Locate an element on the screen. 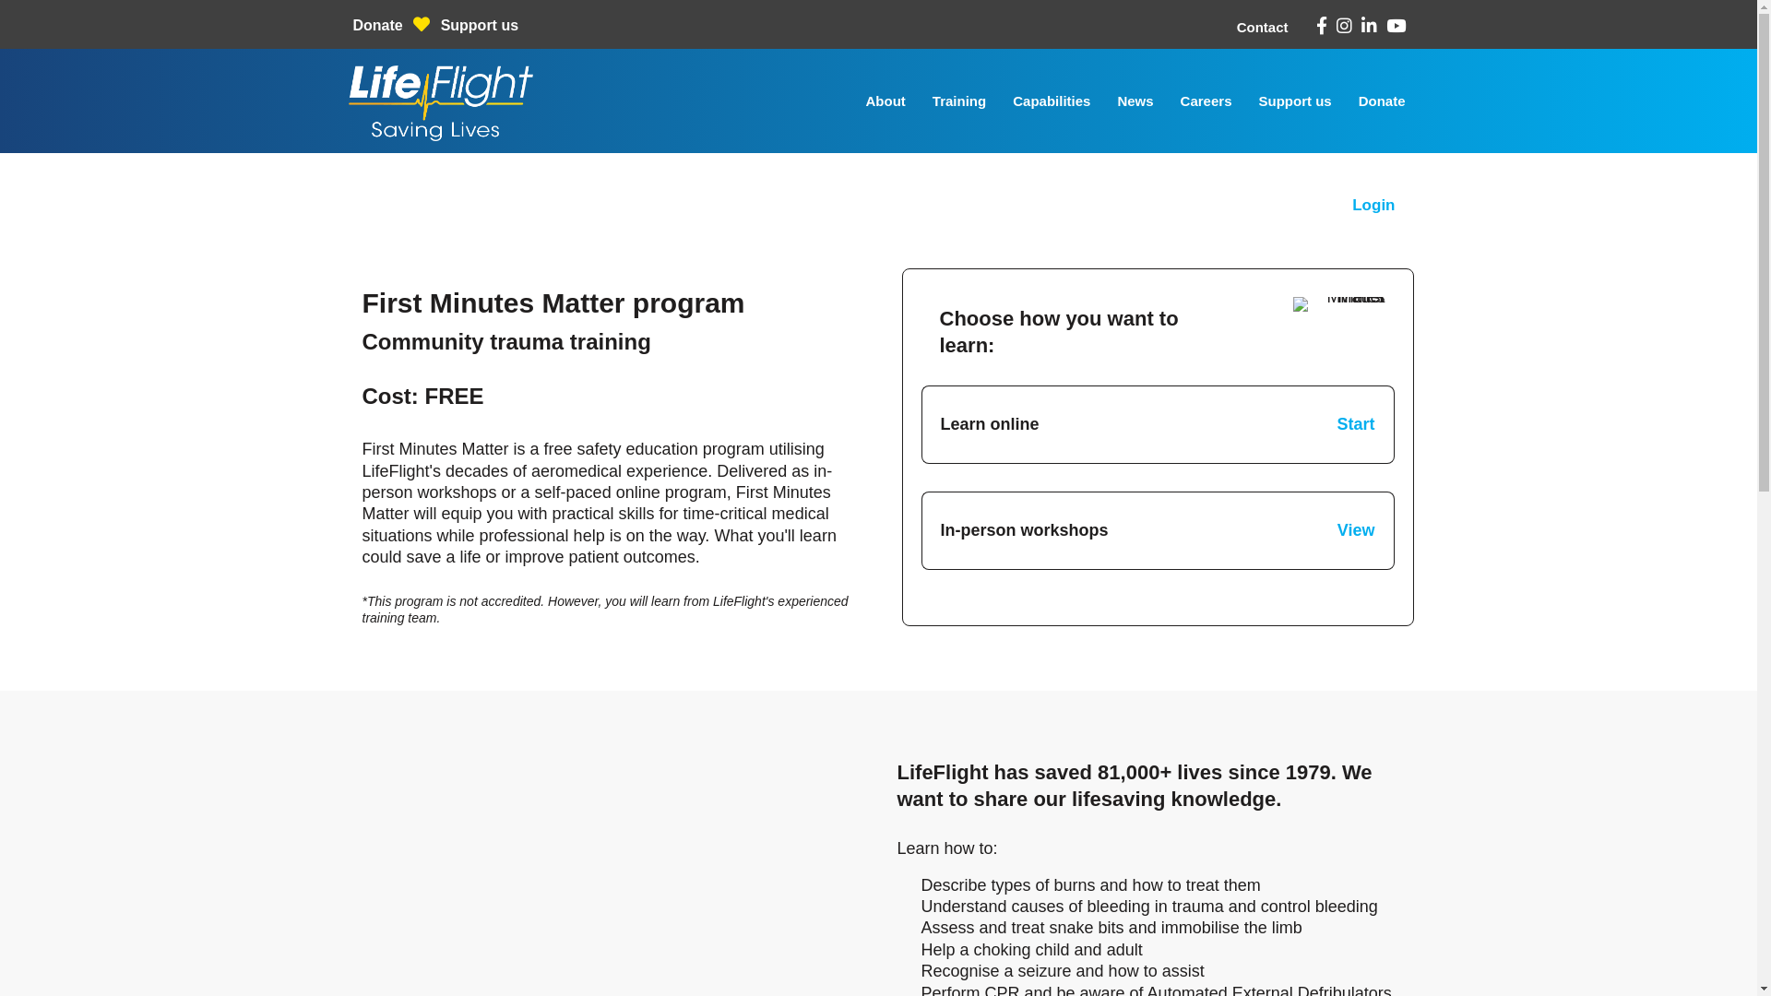 The height and width of the screenshot is (996, 1771). 'View' is located at coordinates (1337, 530).